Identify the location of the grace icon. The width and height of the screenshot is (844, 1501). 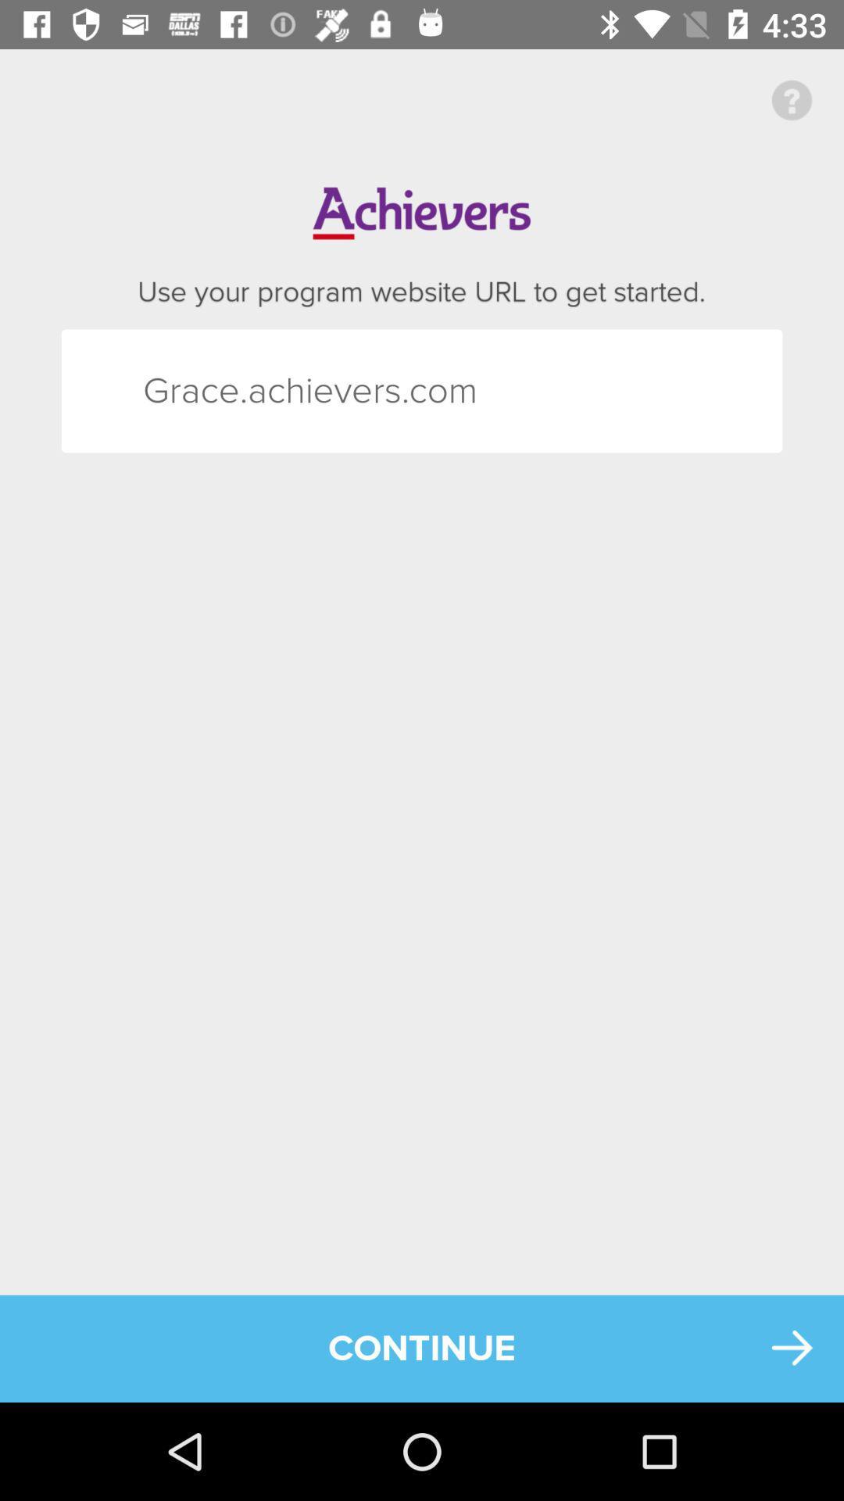
(171, 391).